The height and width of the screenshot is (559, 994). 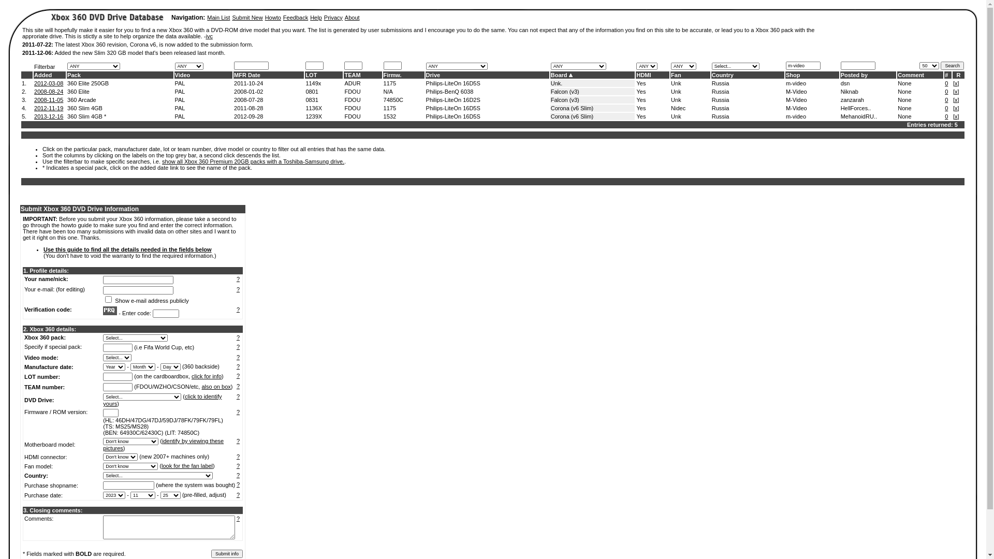 I want to click on '1175', so click(x=389, y=108).